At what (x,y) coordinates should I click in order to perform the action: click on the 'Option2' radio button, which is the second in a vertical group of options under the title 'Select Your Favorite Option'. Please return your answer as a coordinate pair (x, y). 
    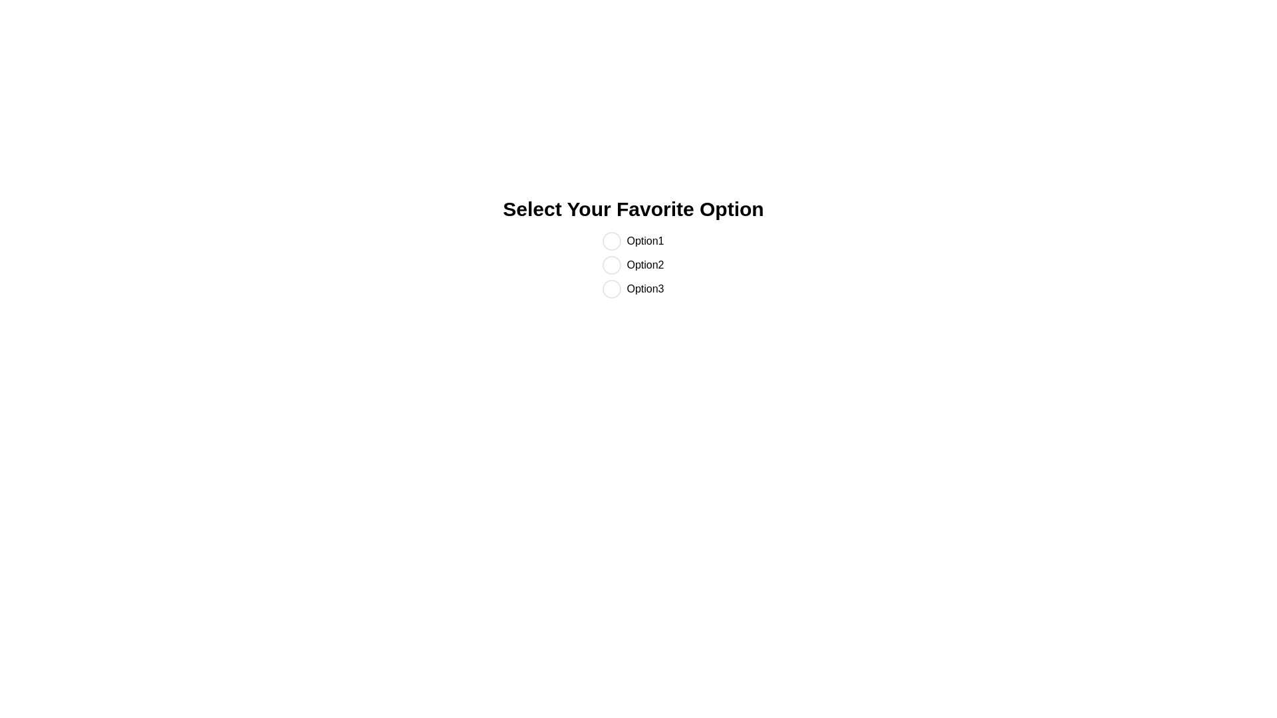
    Looking at the image, I should click on (633, 267).